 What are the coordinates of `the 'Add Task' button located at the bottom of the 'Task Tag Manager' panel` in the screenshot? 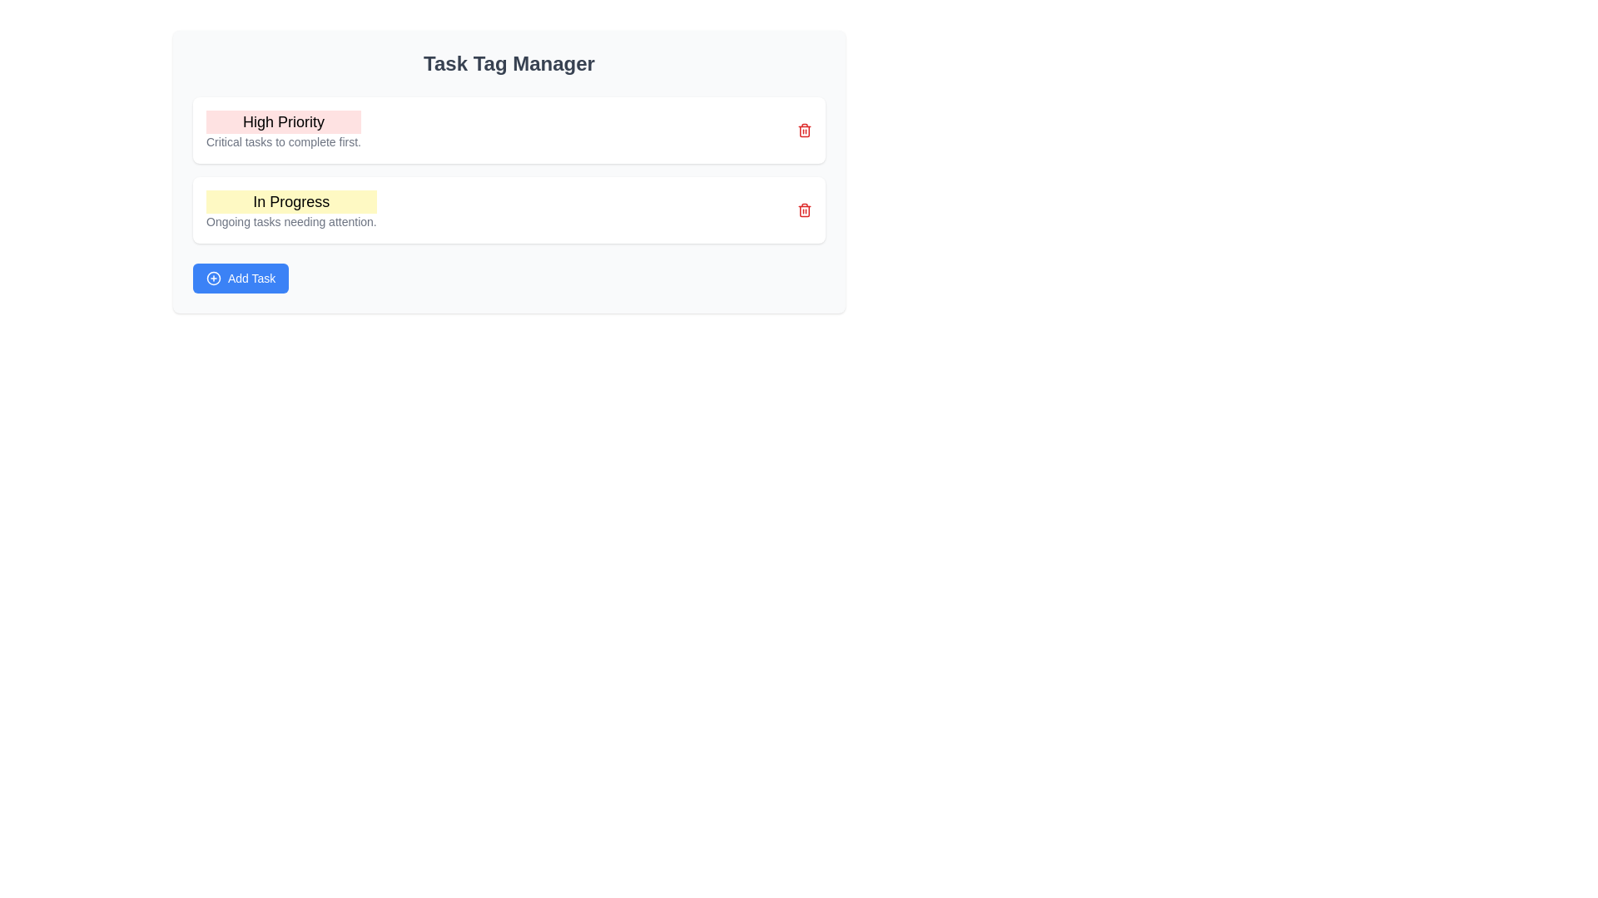 It's located at (240, 278).